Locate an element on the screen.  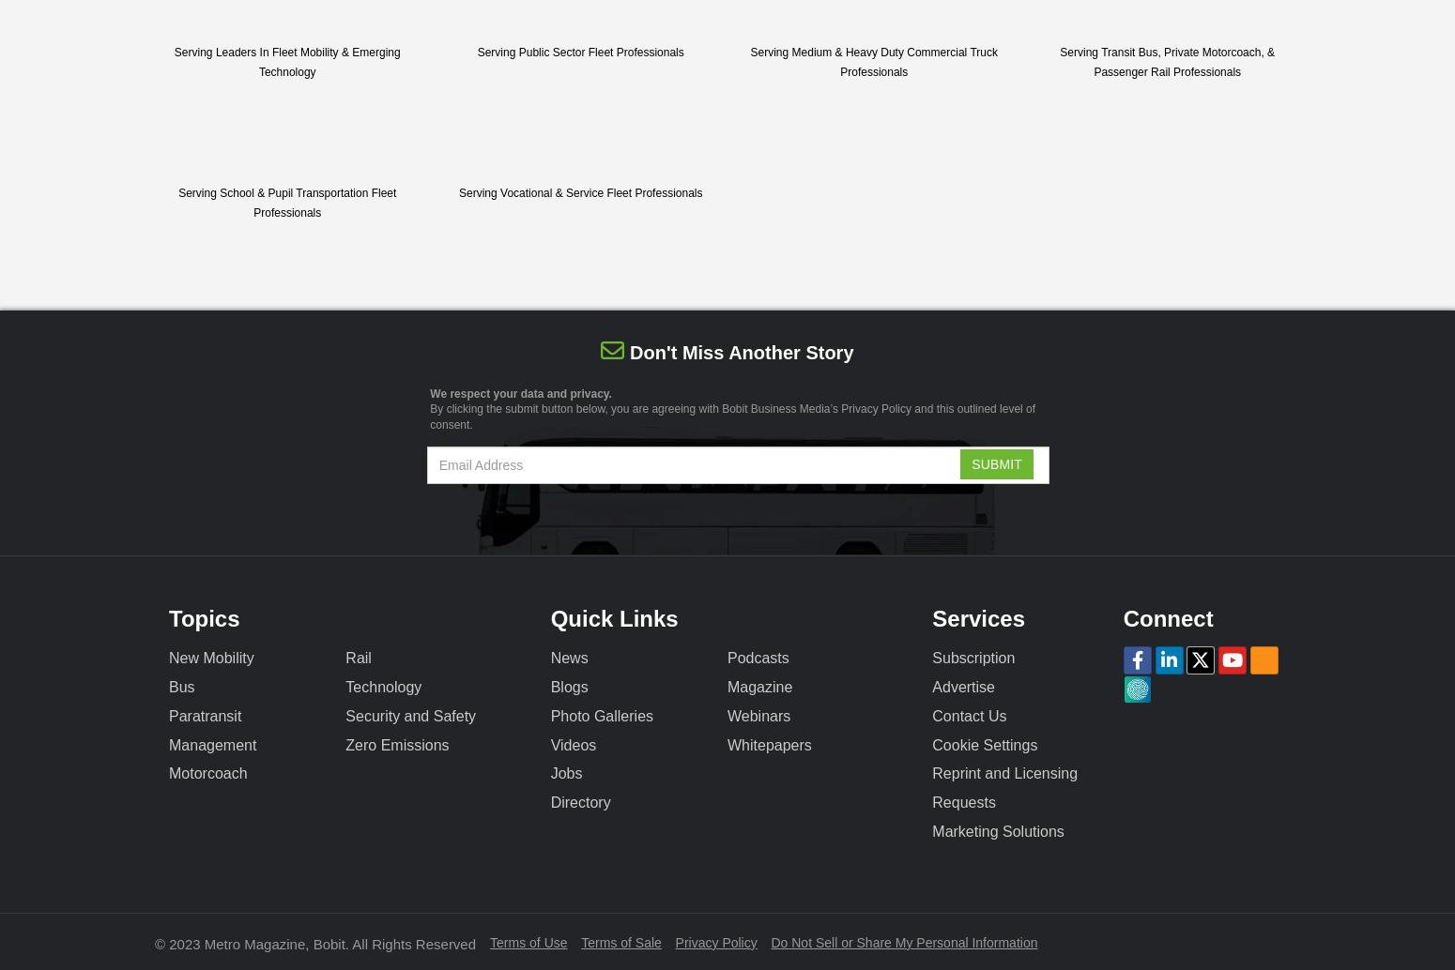
'Photo Galleries' is located at coordinates (600, 715).